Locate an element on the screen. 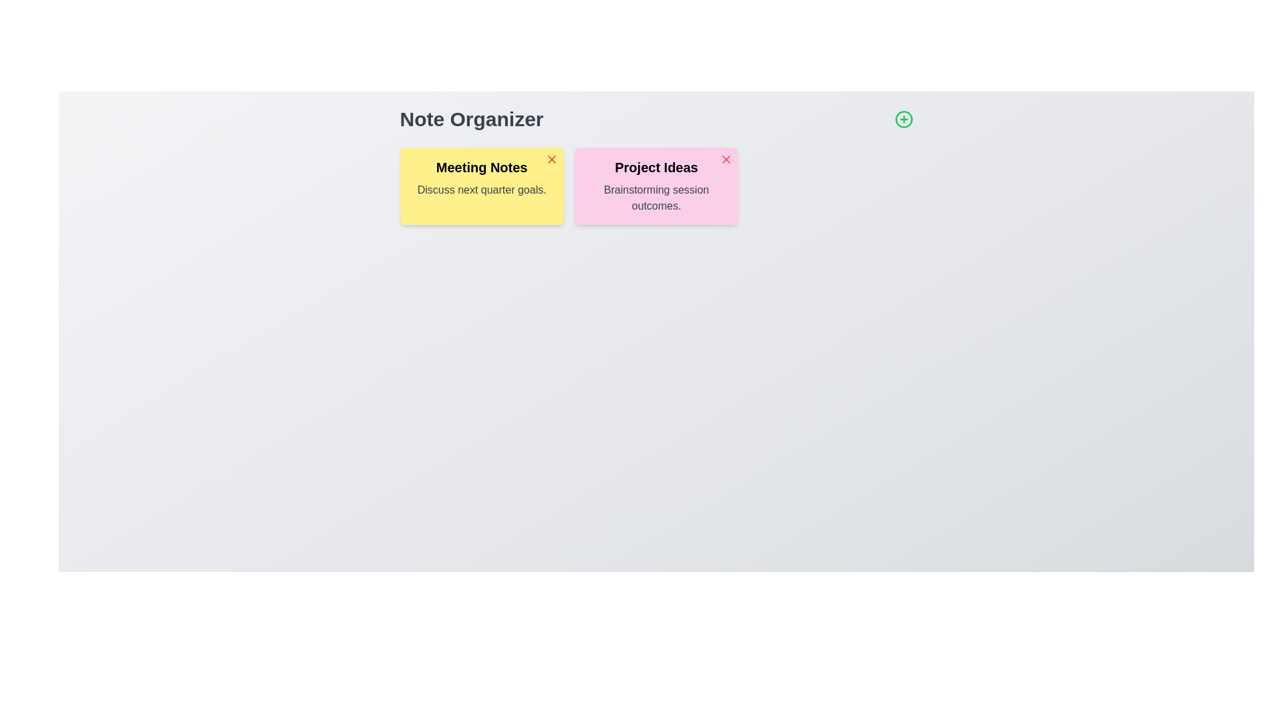  the Close button located in the top-right corner of the 'Meeting Notes' card is located at coordinates (551, 159).